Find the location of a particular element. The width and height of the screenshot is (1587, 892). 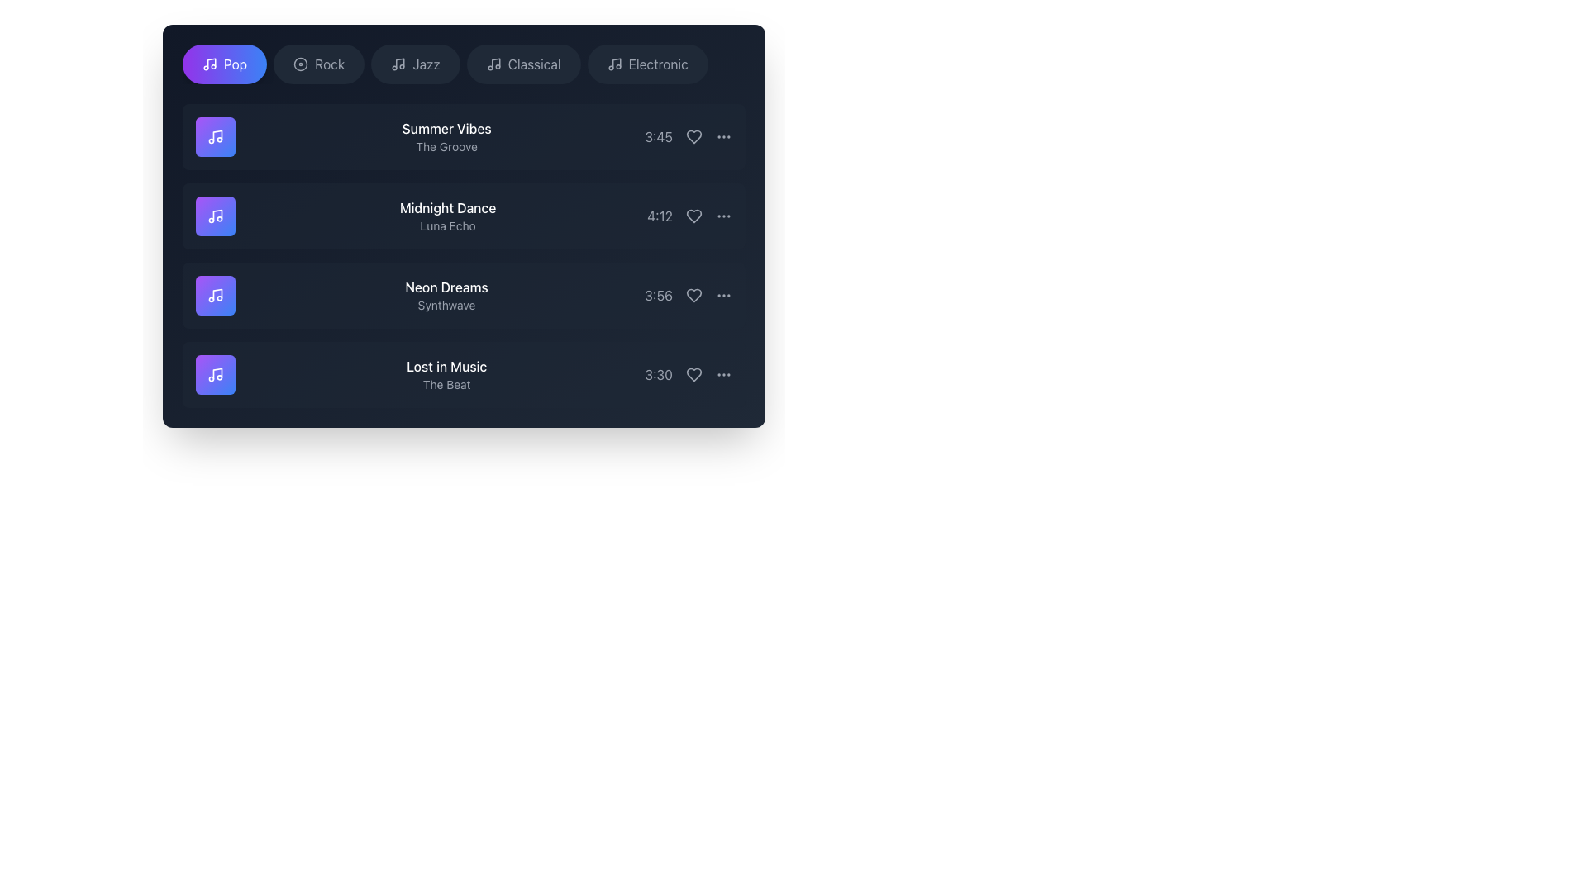

the 'Pop' text label in the leftmost button of the gradient-styled horizontal menu is located at coordinates (235, 63).